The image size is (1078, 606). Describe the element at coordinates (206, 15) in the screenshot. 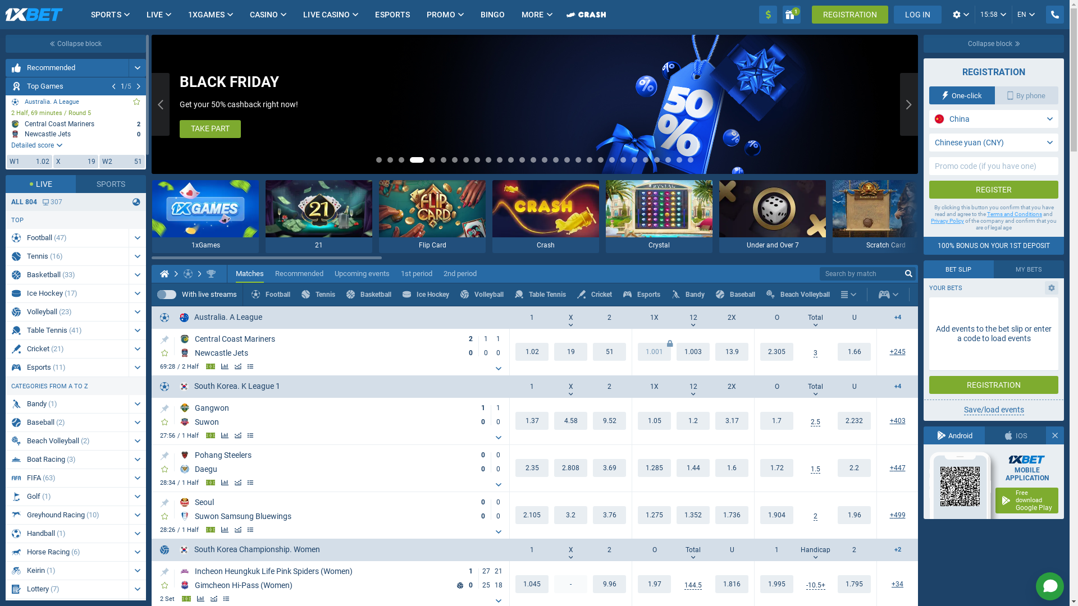

I see `'1XGAMES'` at that location.